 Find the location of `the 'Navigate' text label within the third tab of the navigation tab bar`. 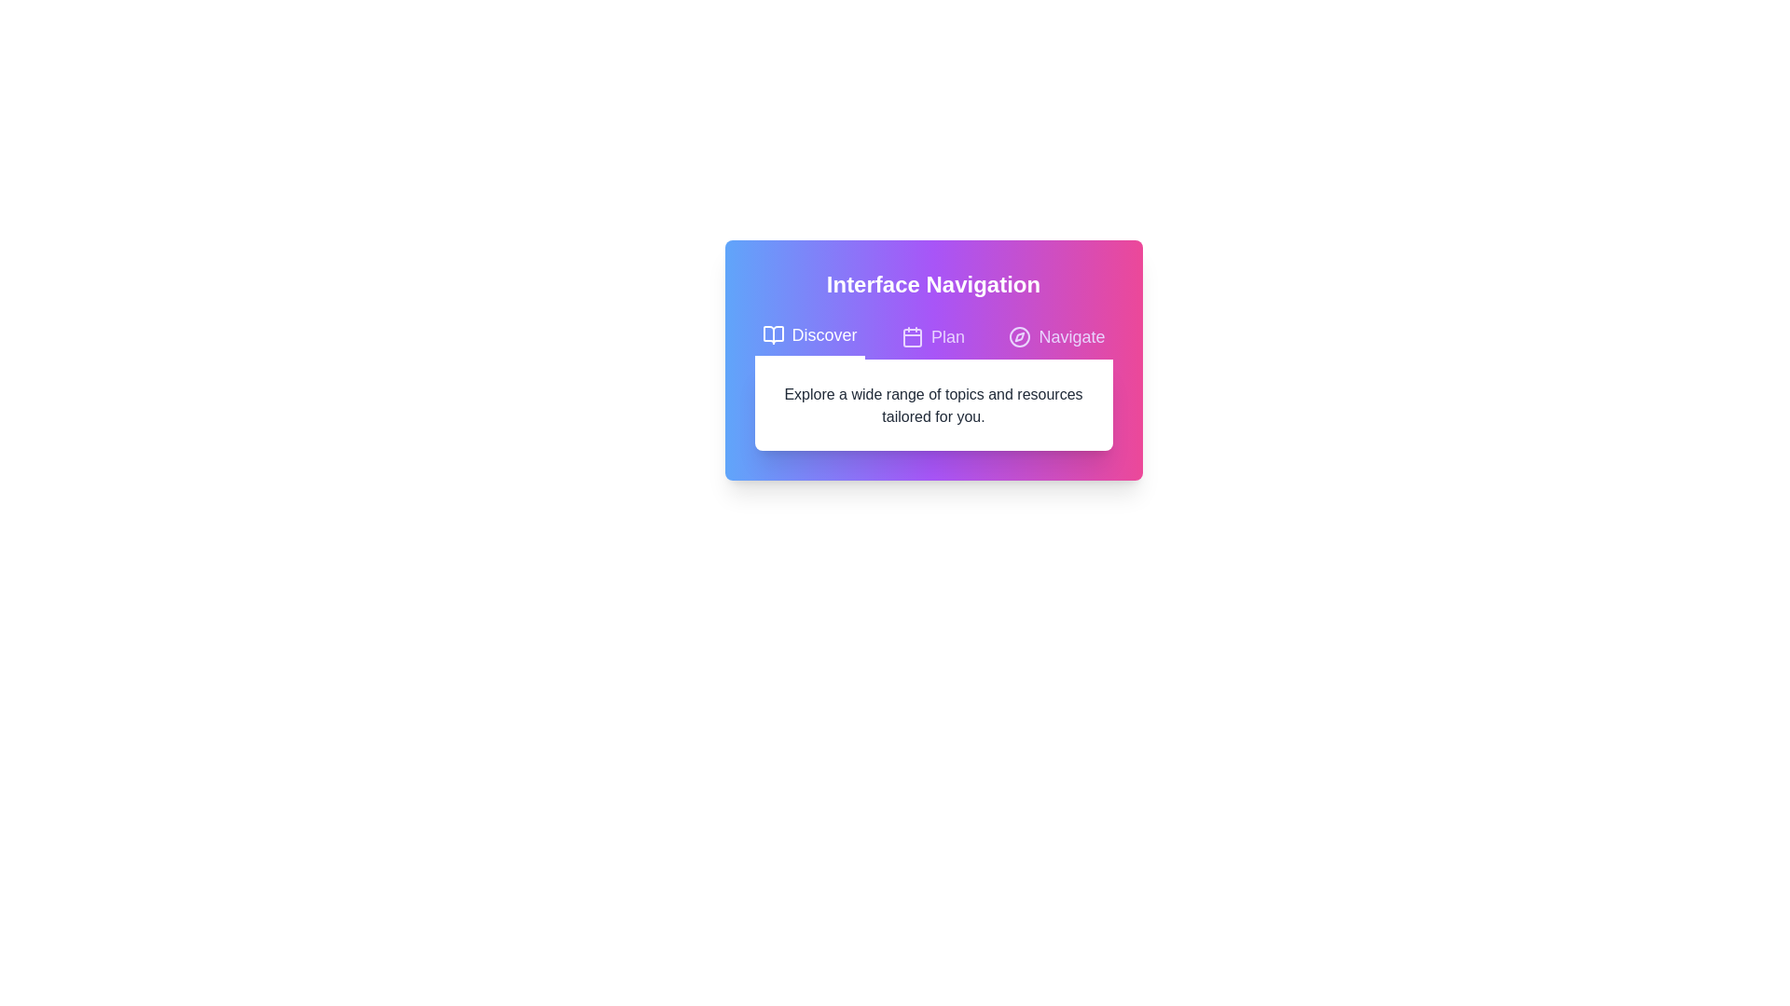

the 'Navigate' text label within the third tab of the navigation tab bar is located at coordinates (1071, 337).